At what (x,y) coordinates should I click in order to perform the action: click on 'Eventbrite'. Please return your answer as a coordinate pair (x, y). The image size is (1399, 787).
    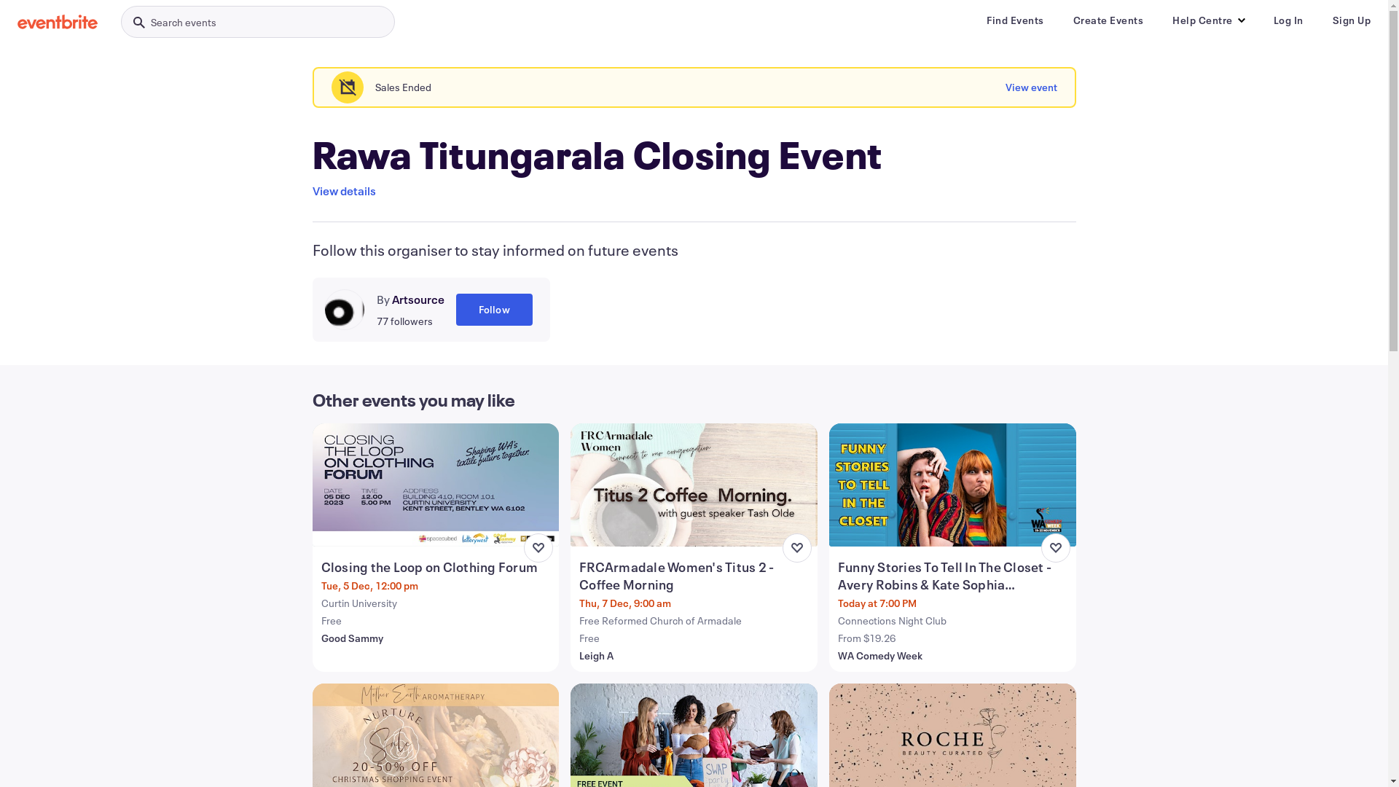
    Looking at the image, I should click on (57, 22).